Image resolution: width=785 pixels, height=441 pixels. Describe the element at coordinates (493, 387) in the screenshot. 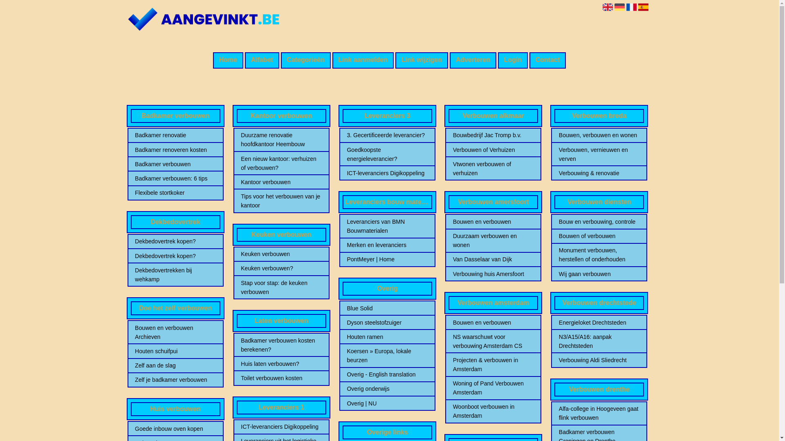

I see `'Woning of Pand Verbouwen Amsterdam'` at that location.